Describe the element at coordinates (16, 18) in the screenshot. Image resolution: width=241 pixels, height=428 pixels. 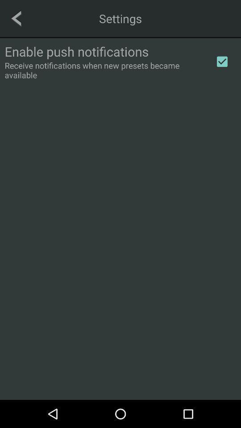
I see `the icon next to the settings item` at that location.